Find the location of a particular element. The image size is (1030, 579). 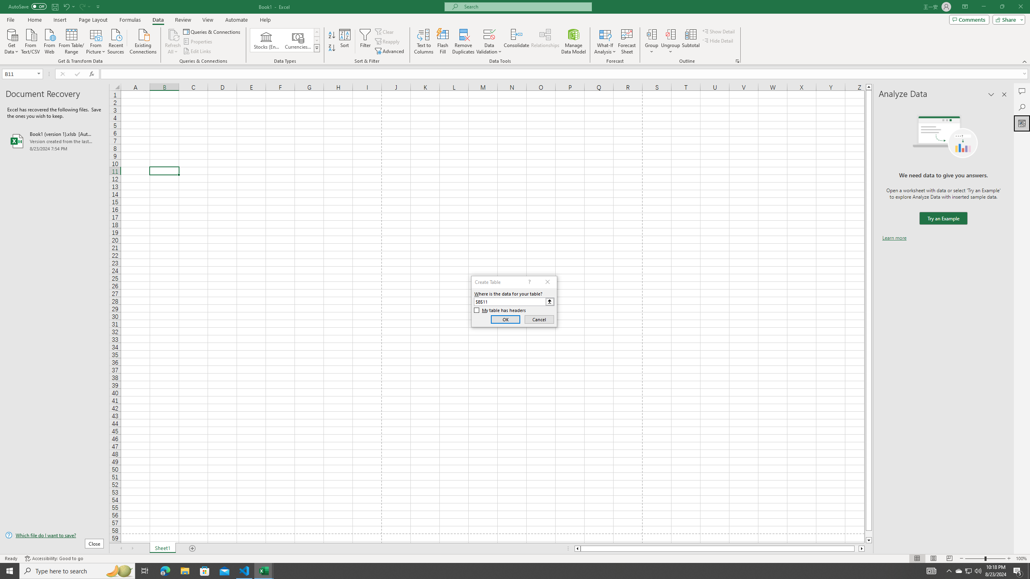

'Zoom' is located at coordinates (985, 558).